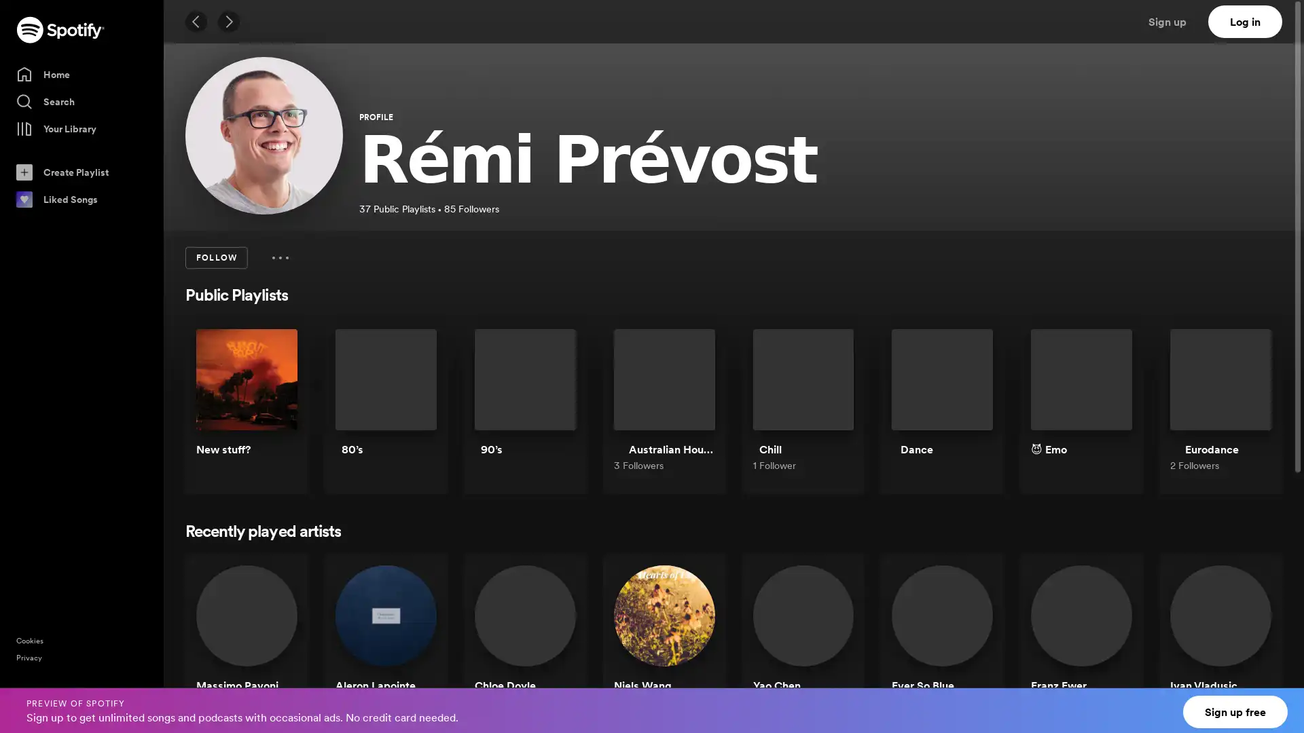  Describe the element at coordinates (1110, 648) in the screenshot. I see `Play Franz Ewer` at that location.